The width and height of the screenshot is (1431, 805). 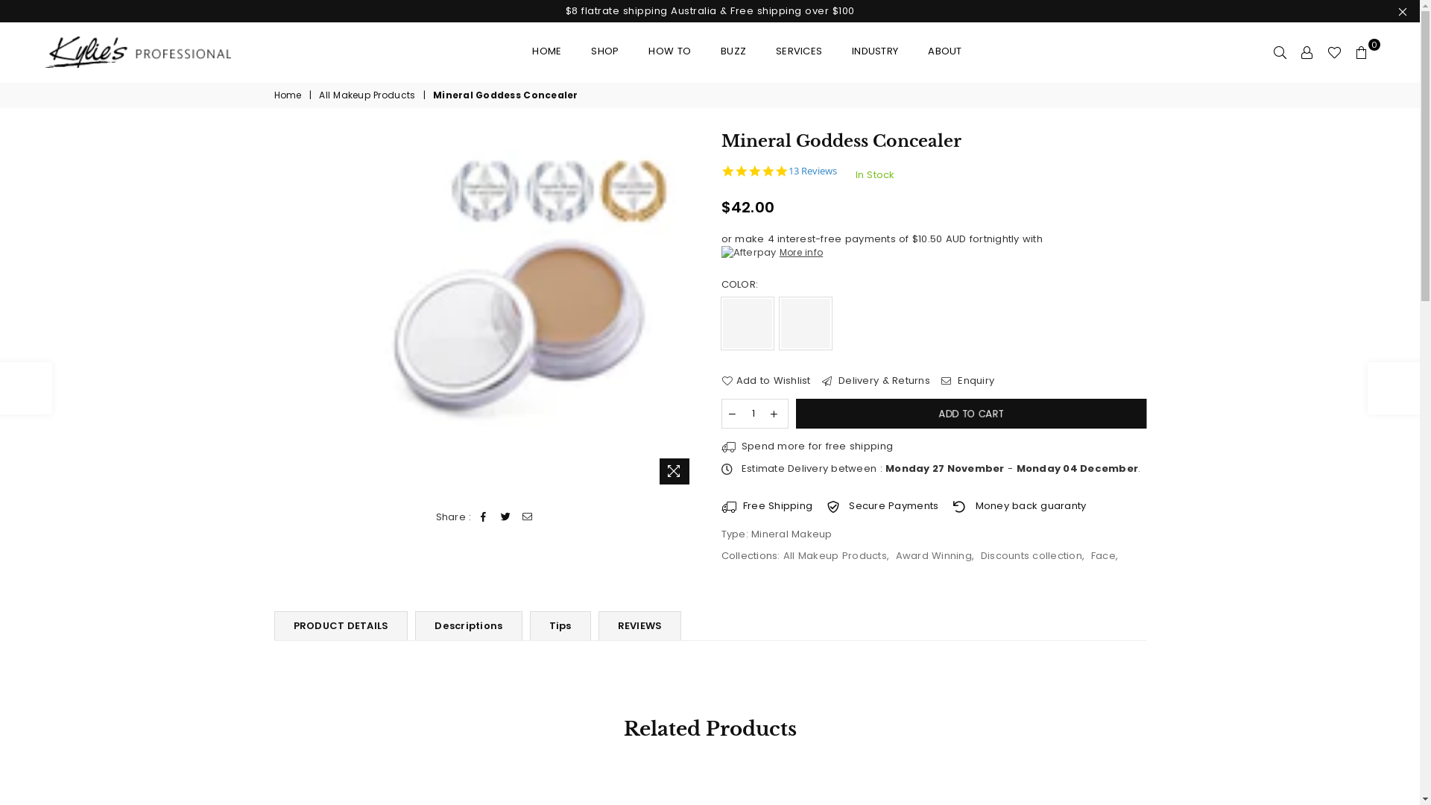 What do you see at coordinates (754, 414) in the screenshot?
I see `'Quantity'` at bounding box center [754, 414].